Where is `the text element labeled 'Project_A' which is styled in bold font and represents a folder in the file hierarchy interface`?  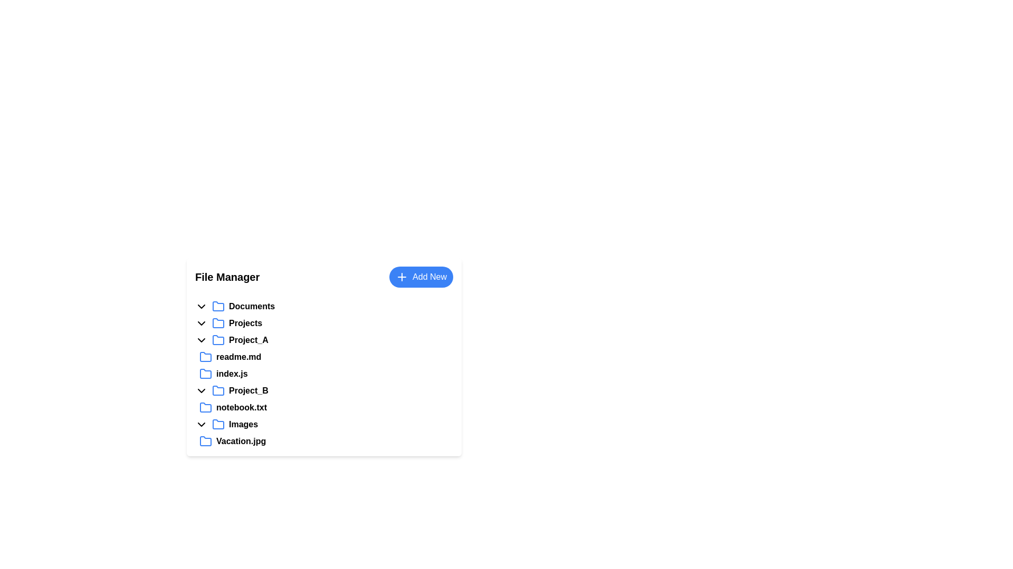
the text element labeled 'Project_A' which is styled in bold font and represents a folder in the file hierarchy interface is located at coordinates (248, 340).